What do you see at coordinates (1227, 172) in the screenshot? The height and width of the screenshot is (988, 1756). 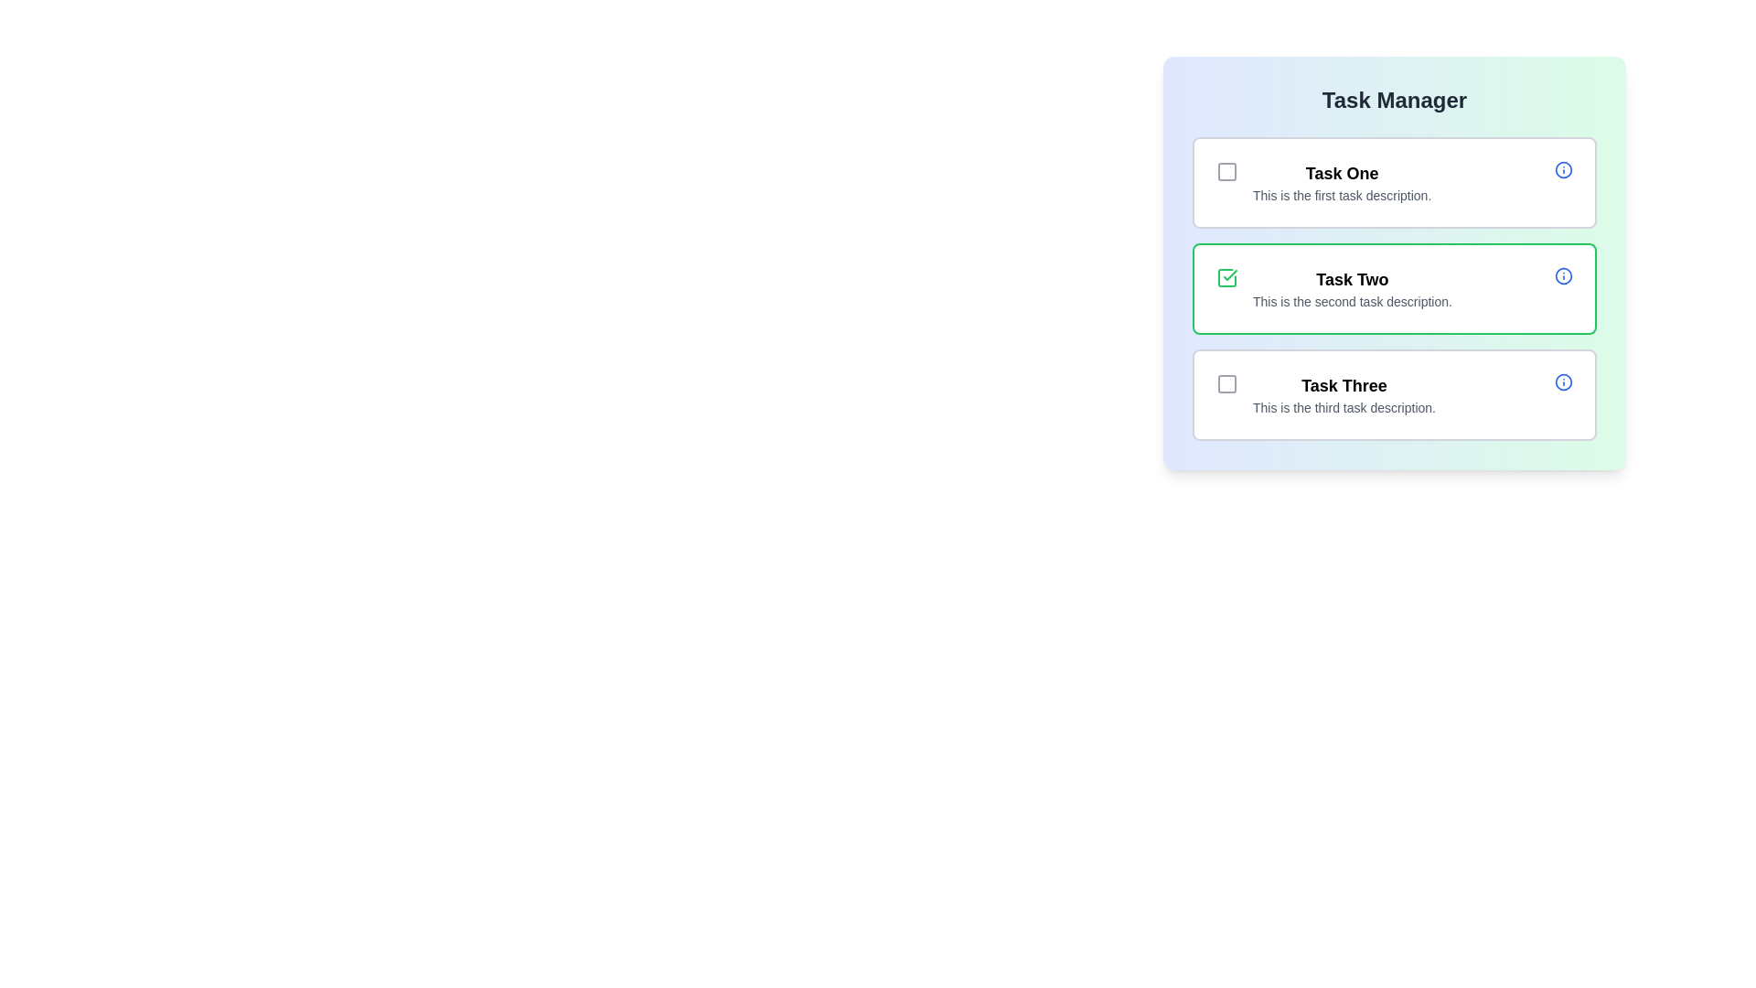 I see `the empty square-shaped checkbox located to the left of the text 'Task One'` at bounding box center [1227, 172].